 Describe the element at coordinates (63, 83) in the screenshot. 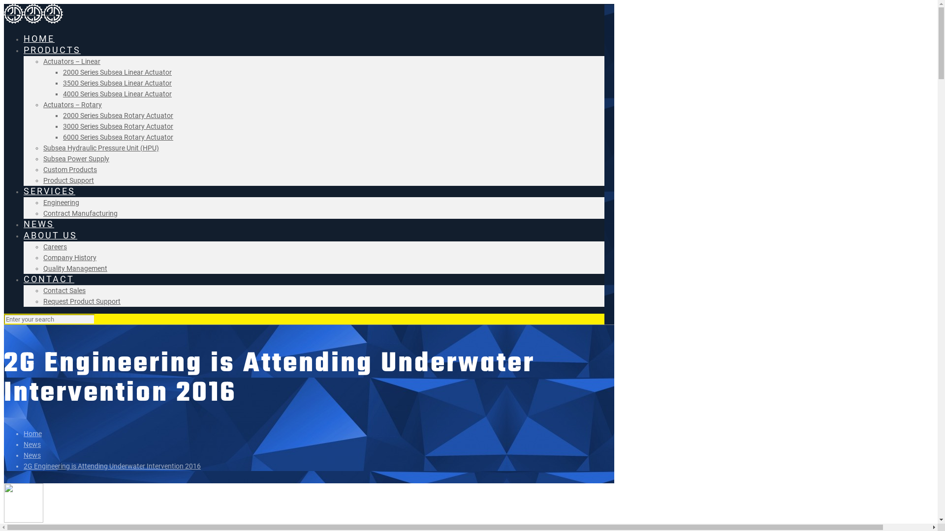

I see `'3500 Series Subsea Linear Actuator'` at that location.